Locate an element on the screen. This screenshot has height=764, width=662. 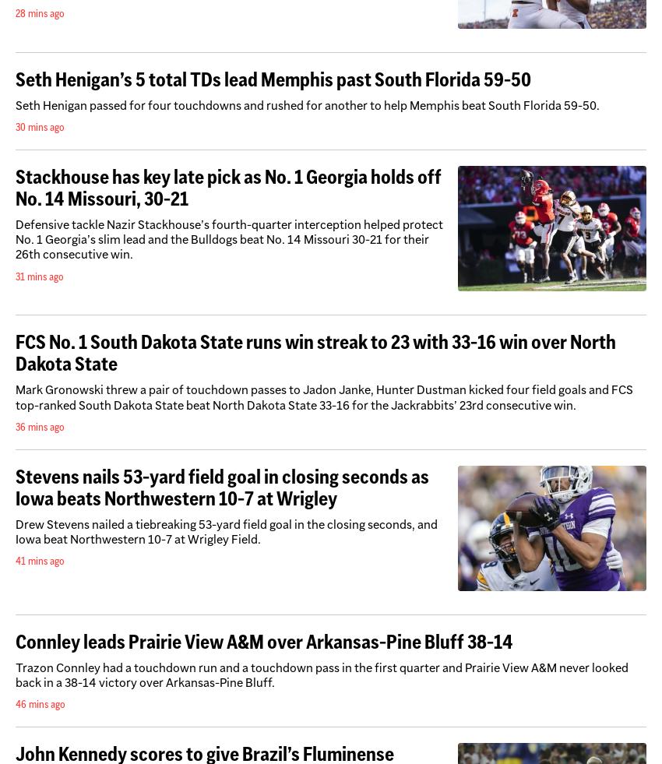
'Stackhouse has key late pick as No. 1 Georgia holds off No. 14 Missouri, 30-21' is located at coordinates (227, 187).